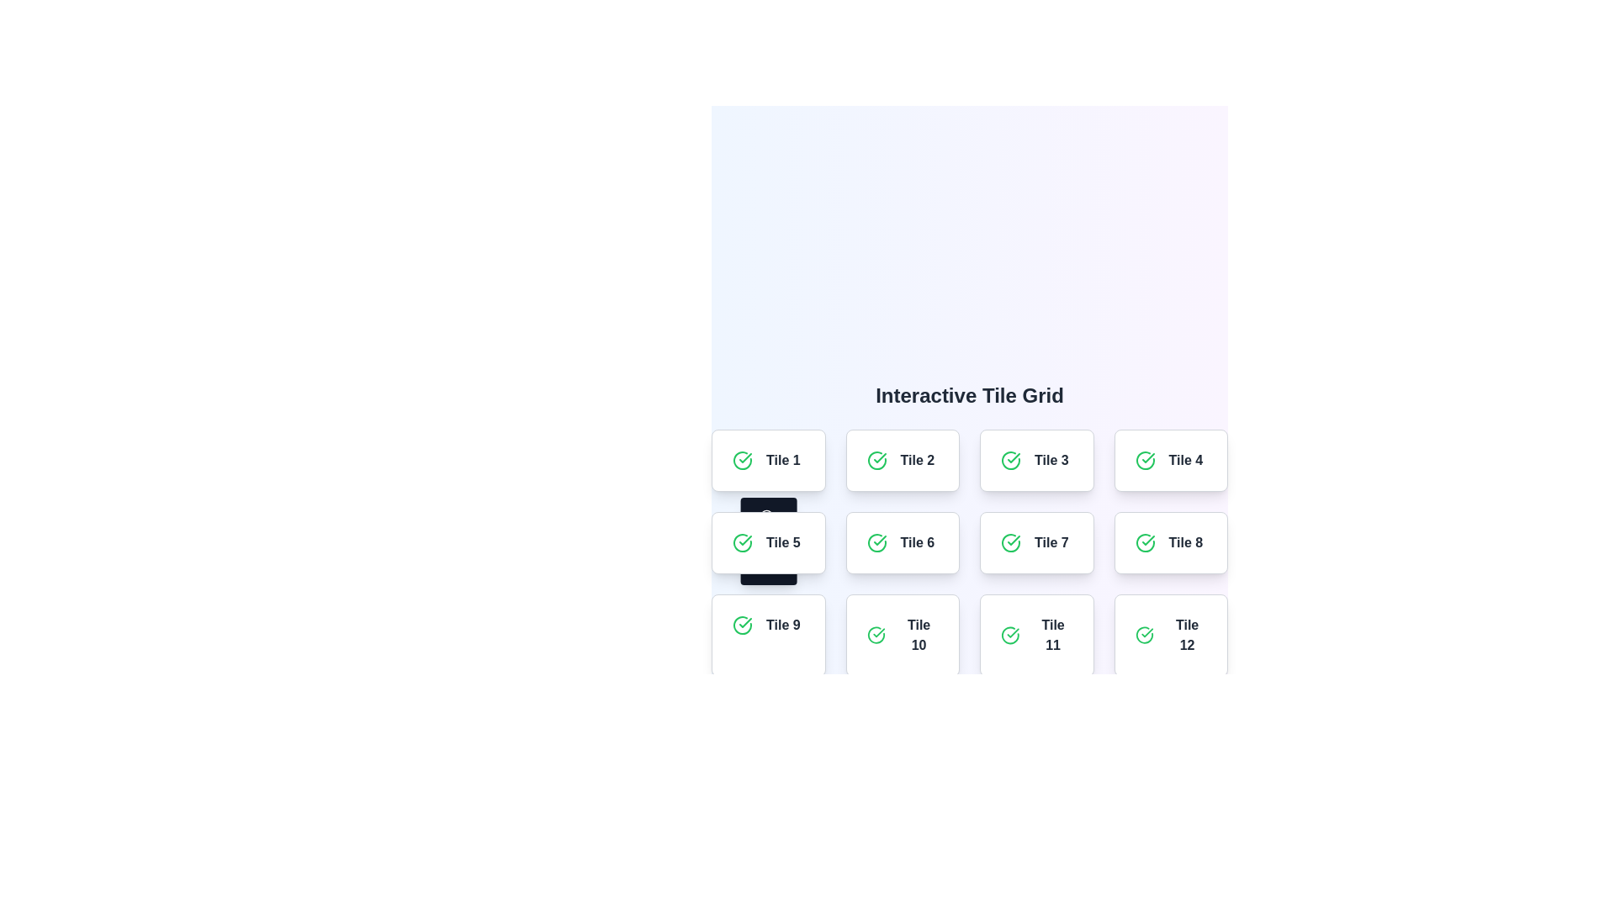  Describe the element at coordinates (1035, 460) in the screenshot. I see `the identifier tile located in the first row and third column of the grid layout` at that location.